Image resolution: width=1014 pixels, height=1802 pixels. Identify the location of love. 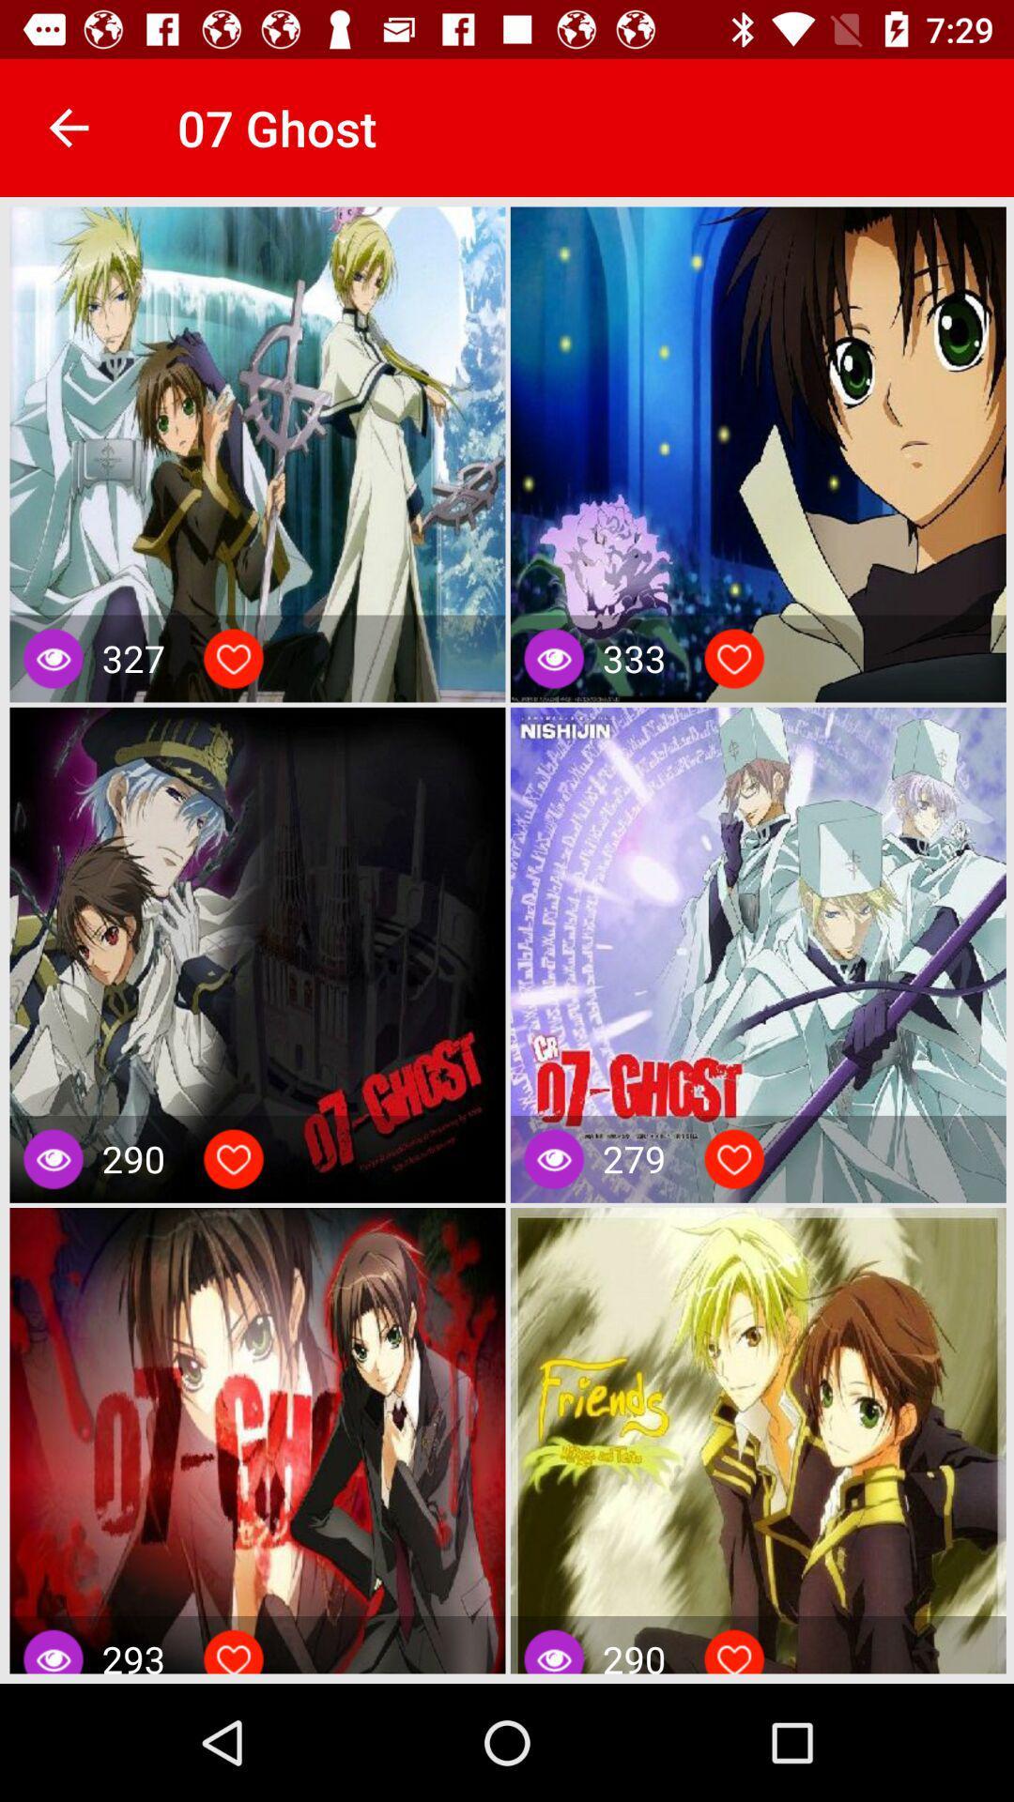
(233, 658).